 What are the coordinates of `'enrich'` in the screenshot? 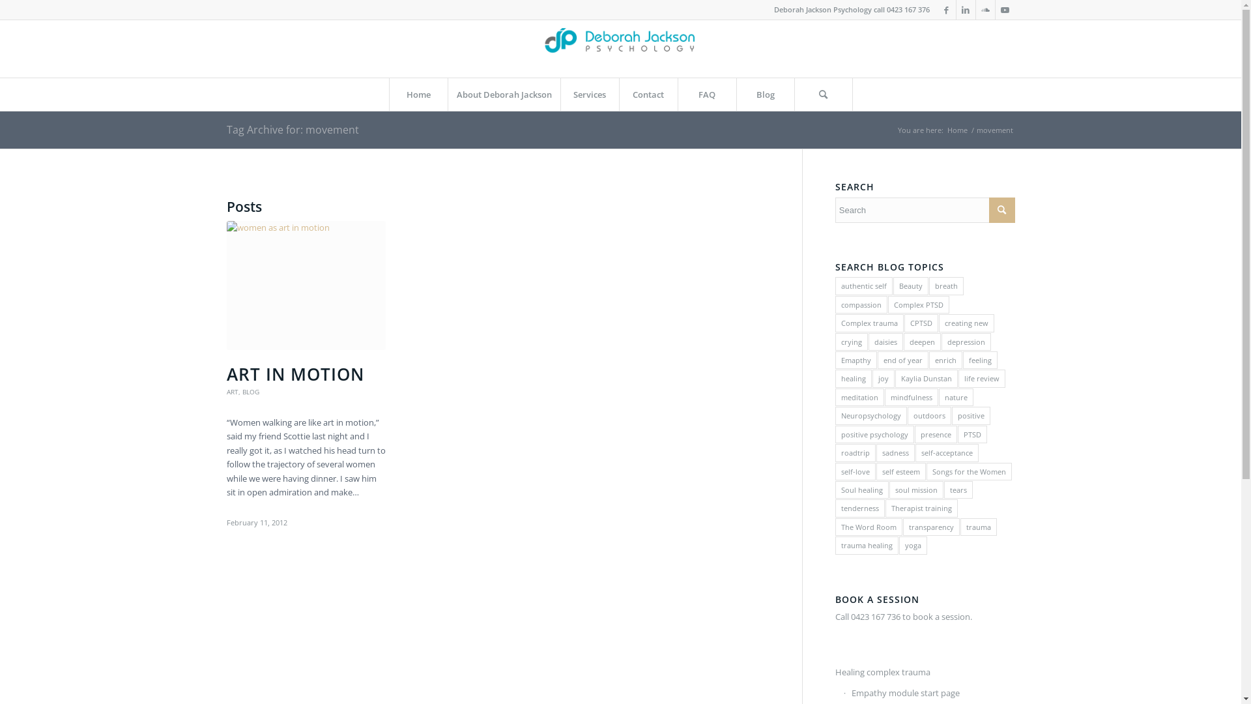 It's located at (945, 360).